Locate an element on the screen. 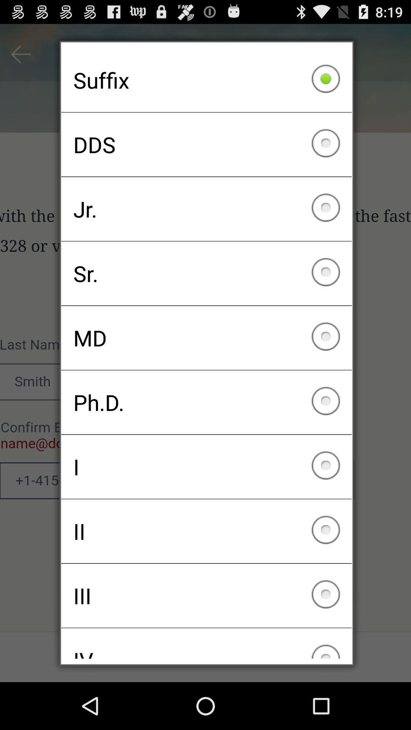 This screenshot has height=730, width=411. ph.d. icon is located at coordinates (206, 402).